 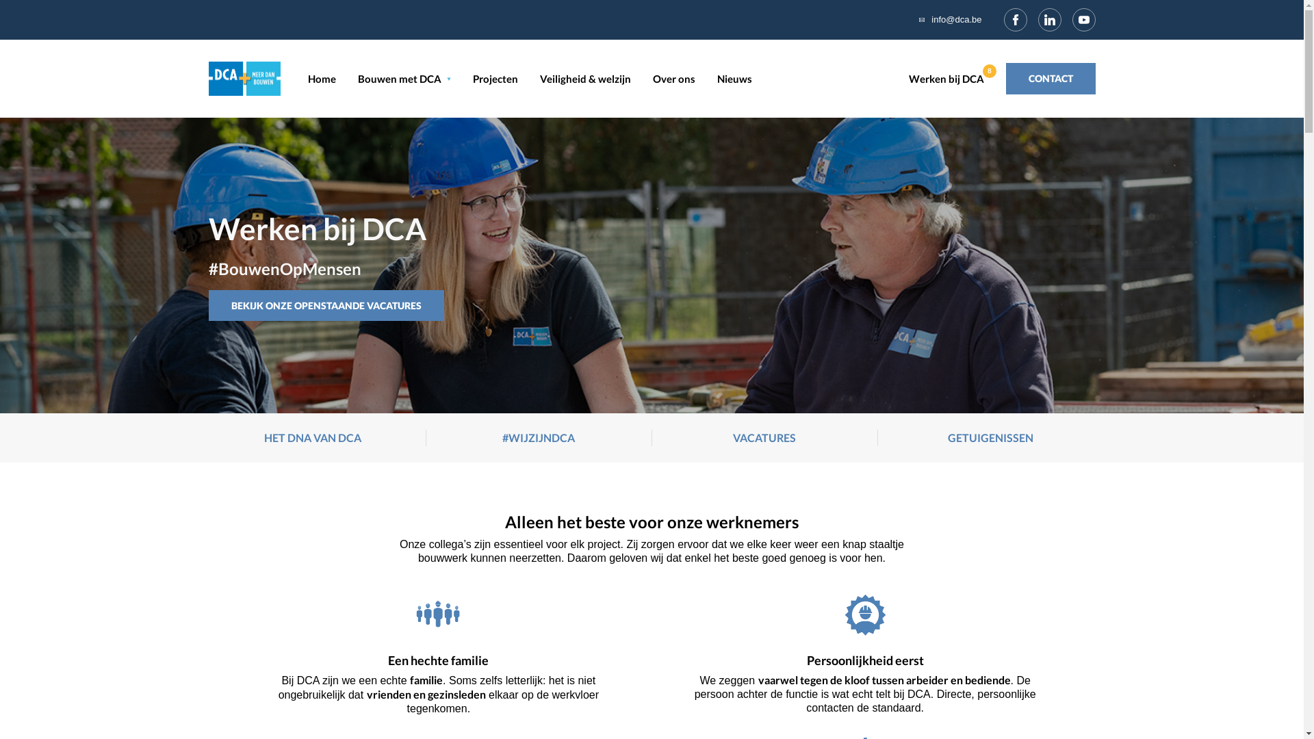 What do you see at coordinates (955, 20) in the screenshot?
I see `'info@dca.be'` at bounding box center [955, 20].